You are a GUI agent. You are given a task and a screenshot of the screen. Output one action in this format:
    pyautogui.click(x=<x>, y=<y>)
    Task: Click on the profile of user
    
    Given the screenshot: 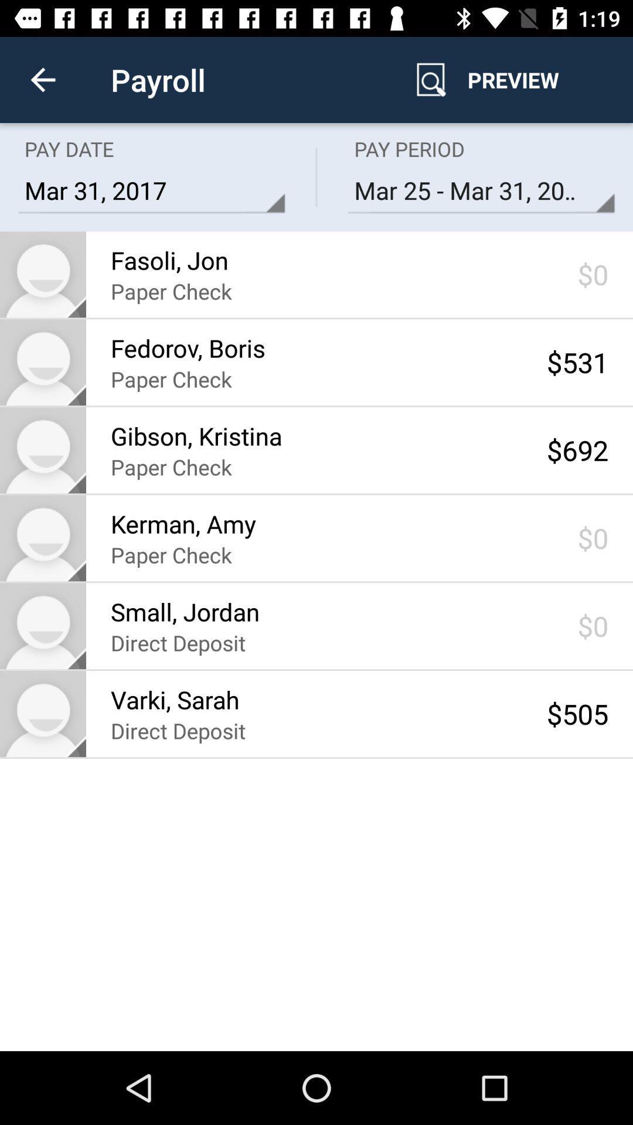 What is the action you would take?
    pyautogui.click(x=42, y=713)
    